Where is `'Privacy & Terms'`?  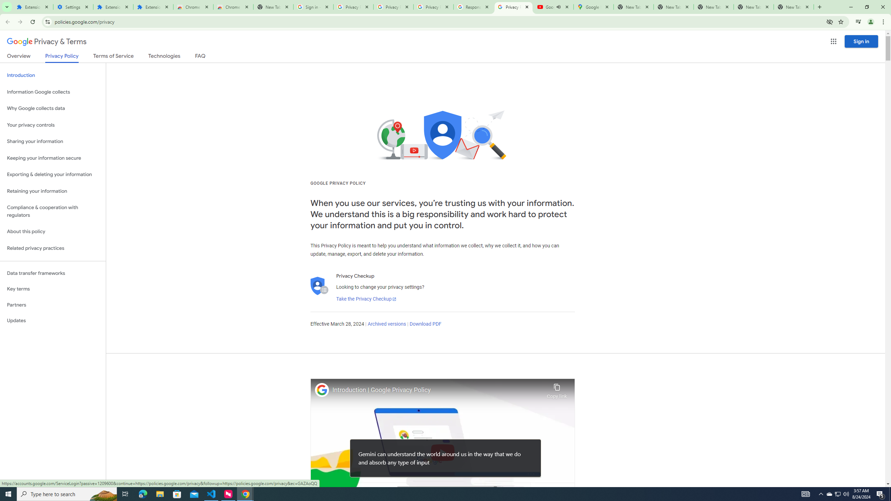
'Privacy & Terms' is located at coordinates (47, 41).